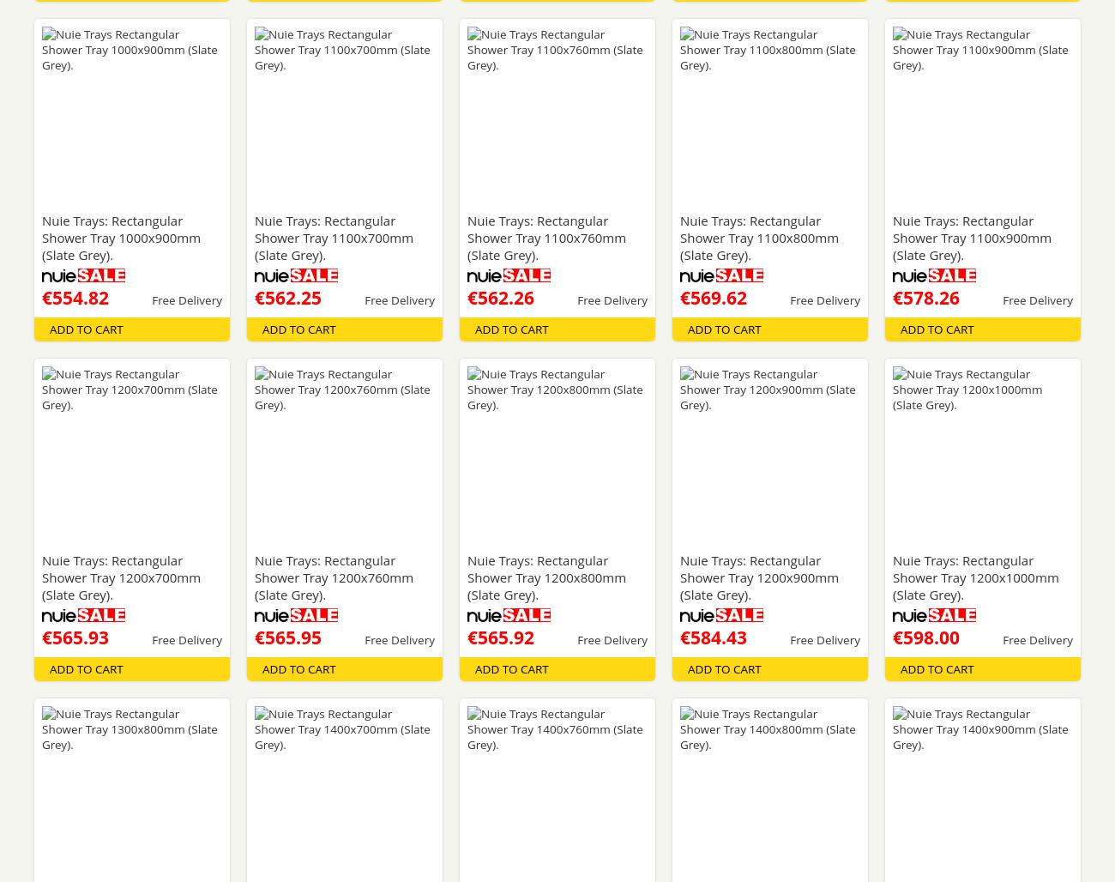 Image resolution: width=1115 pixels, height=882 pixels. I want to click on '€578.26', so click(925, 296).